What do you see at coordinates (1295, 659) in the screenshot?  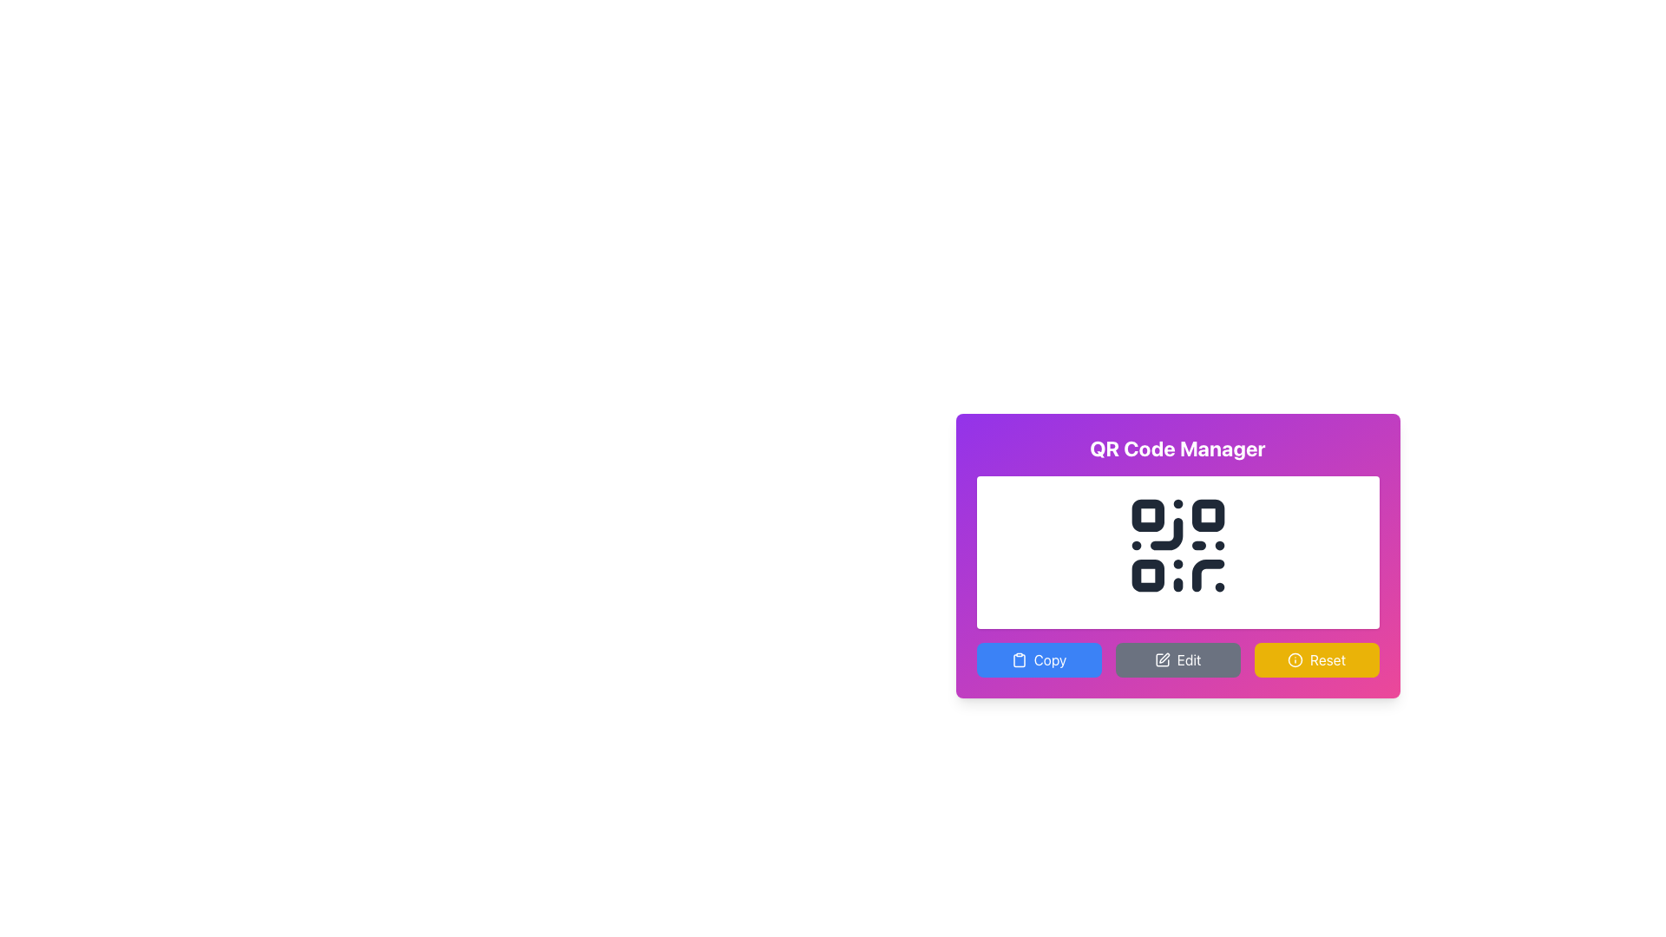 I see `the outermost circular outline of the informational icon in the QR Code Manager interface` at bounding box center [1295, 659].